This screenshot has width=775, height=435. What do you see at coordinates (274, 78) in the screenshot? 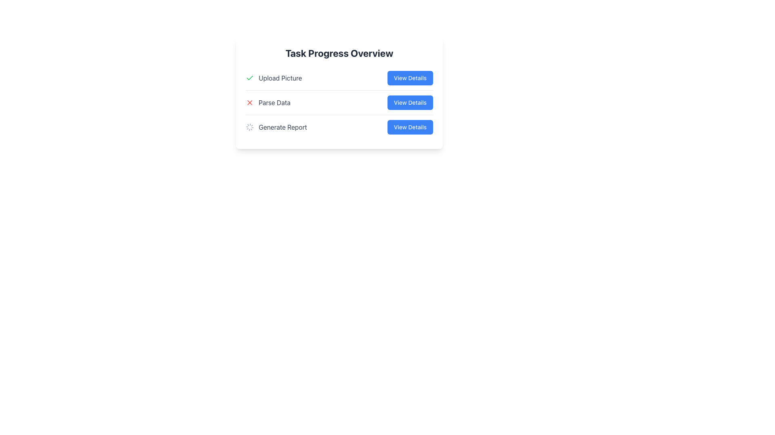
I see `the 'Upload Picture' task label with a green checkmark, which indicates the task is complete, located under the 'Task Progress Overview' section` at bounding box center [274, 78].